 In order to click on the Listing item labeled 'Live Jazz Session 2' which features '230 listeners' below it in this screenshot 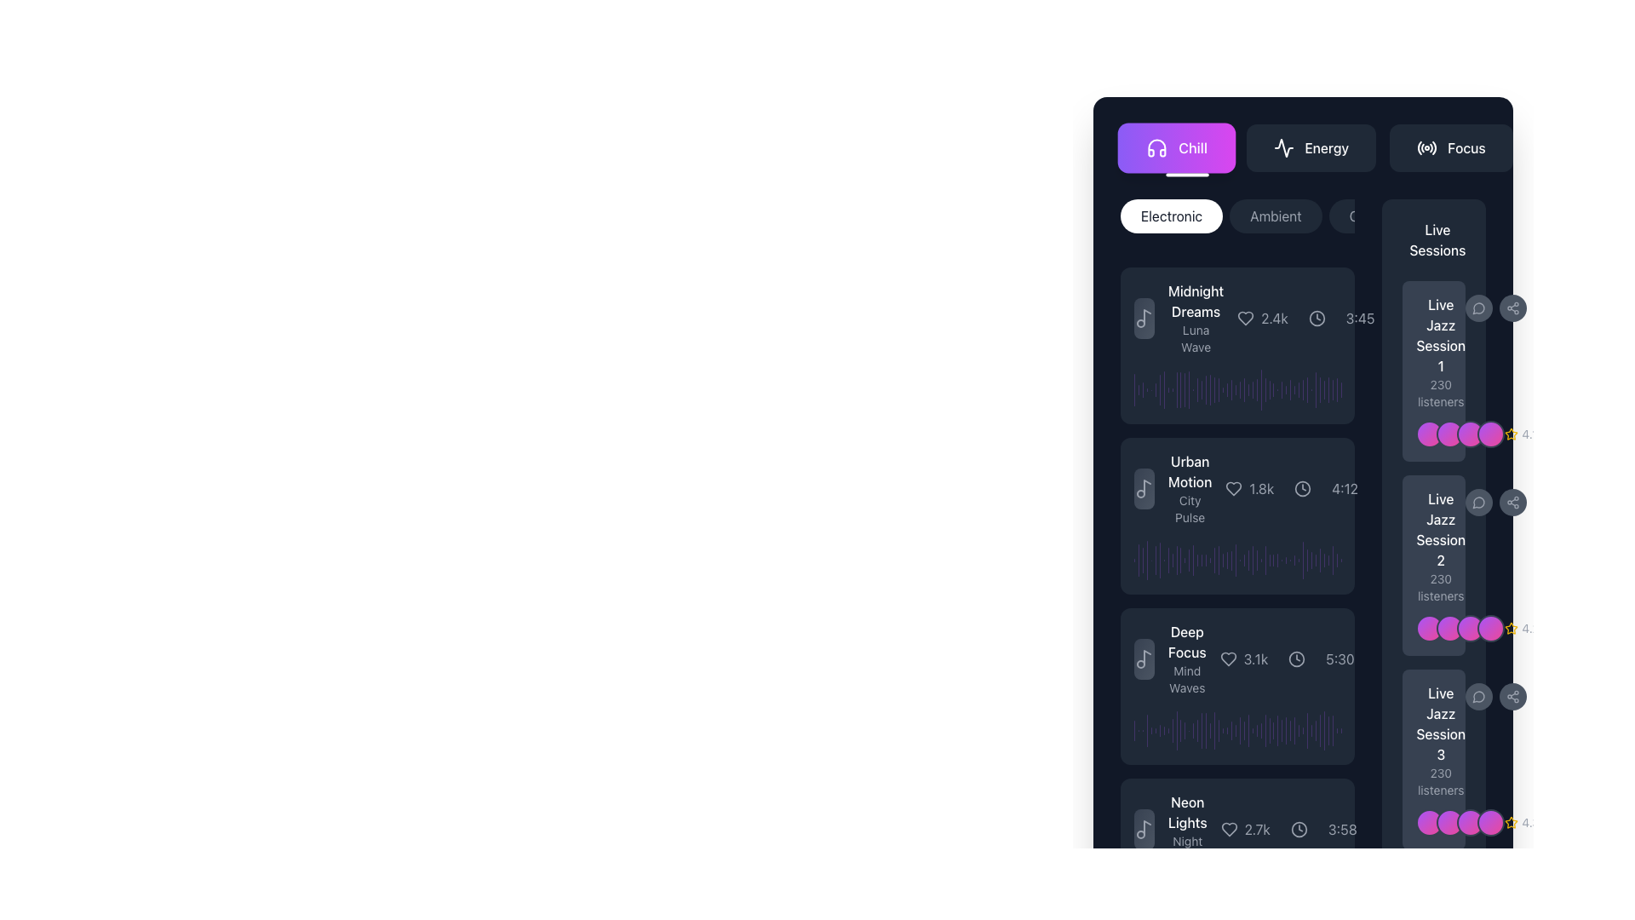, I will do `click(1433, 565)`.